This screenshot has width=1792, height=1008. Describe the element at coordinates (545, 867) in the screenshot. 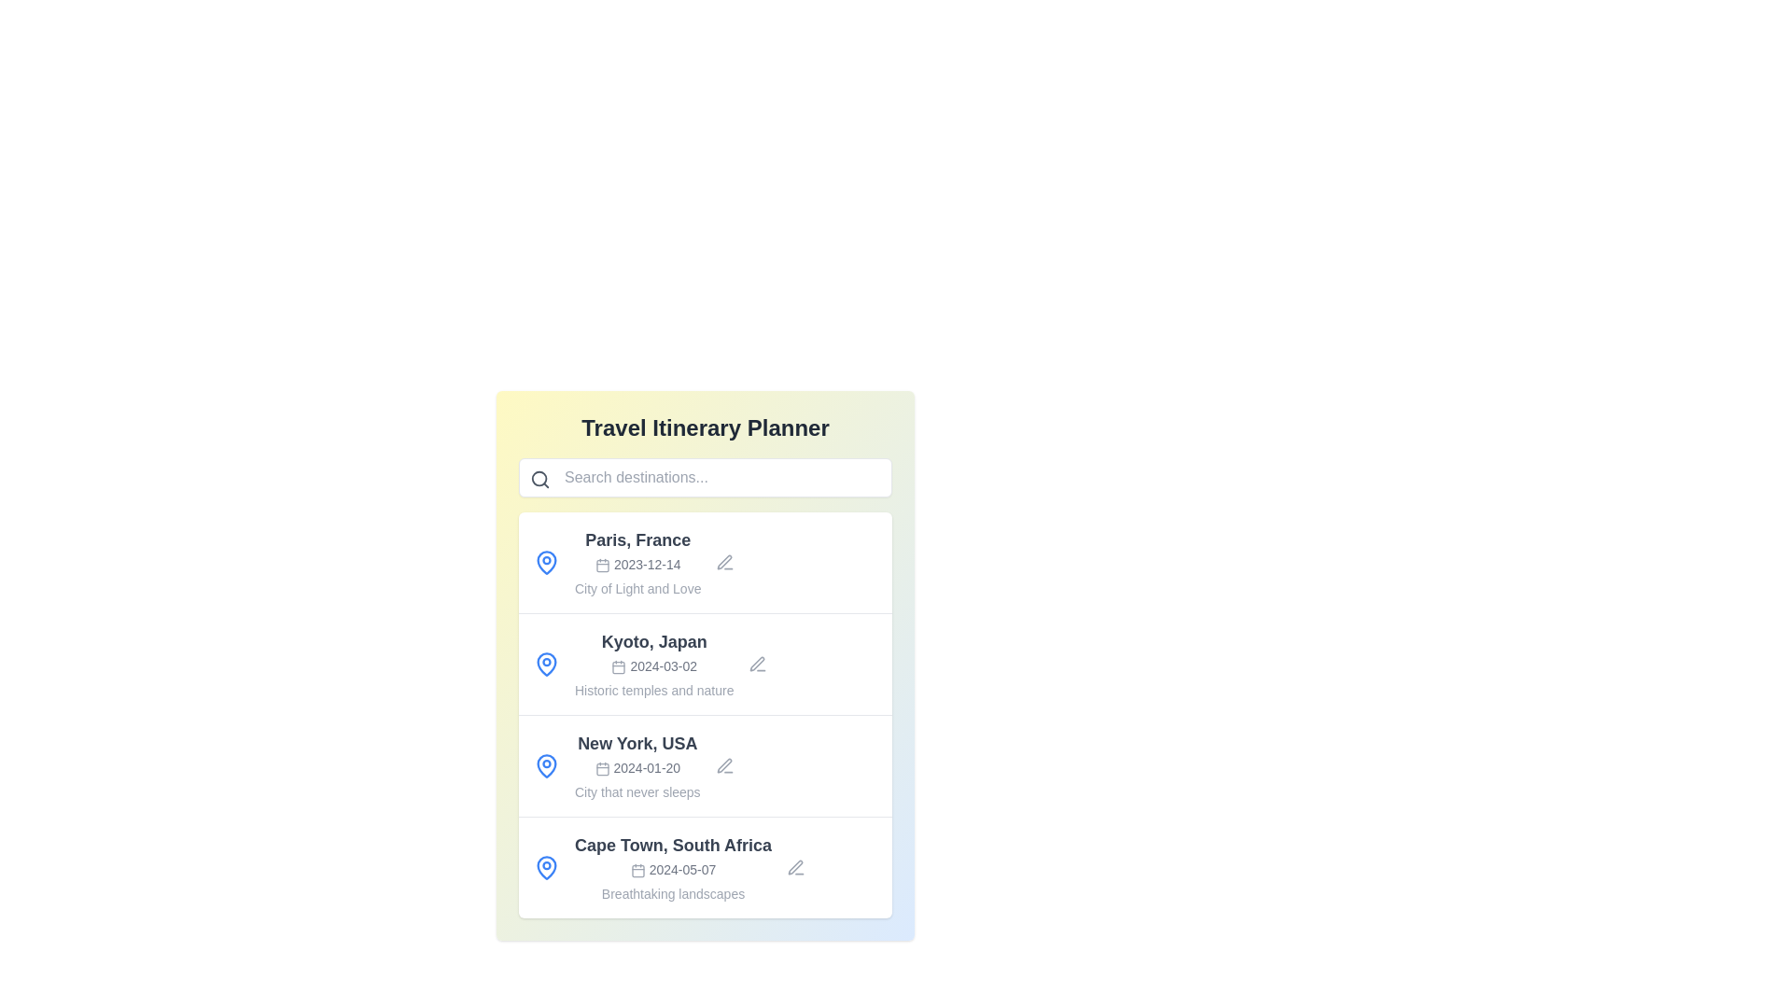

I see `the icon representing the location marker for 'Cape Town, South Africa', which is positioned to the left of the entry for the city name` at that location.